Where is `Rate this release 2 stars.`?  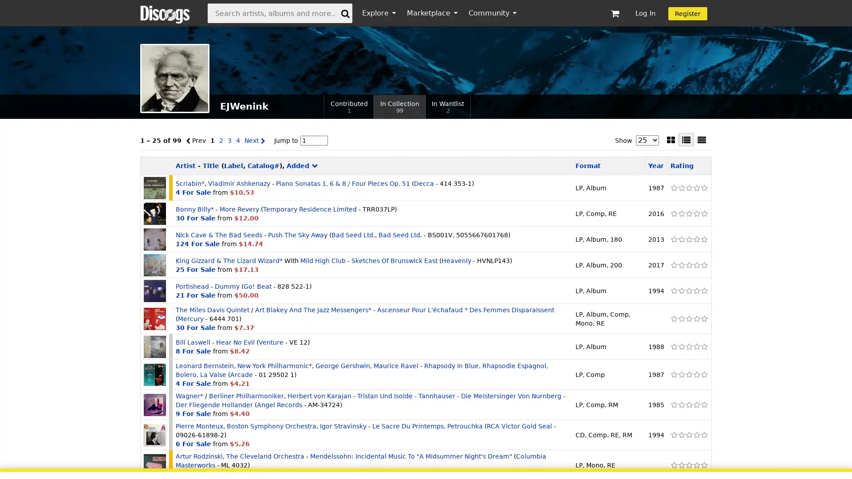 Rate this release 2 stars. is located at coordinates (681, 188).